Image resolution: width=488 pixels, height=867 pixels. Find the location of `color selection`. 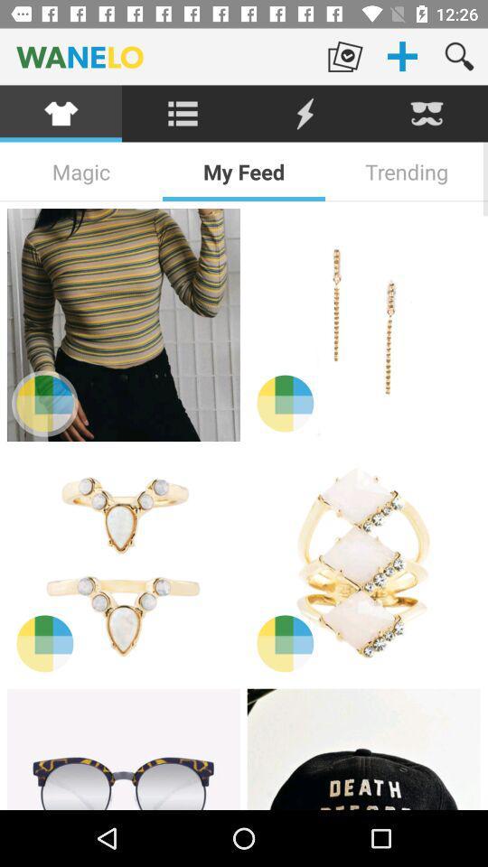

color selection is located at coordinates (44, 403).